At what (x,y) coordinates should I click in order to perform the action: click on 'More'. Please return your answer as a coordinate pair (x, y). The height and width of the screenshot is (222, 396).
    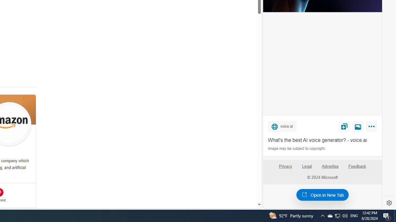
    Looking at the image, I should click on (372, 127).